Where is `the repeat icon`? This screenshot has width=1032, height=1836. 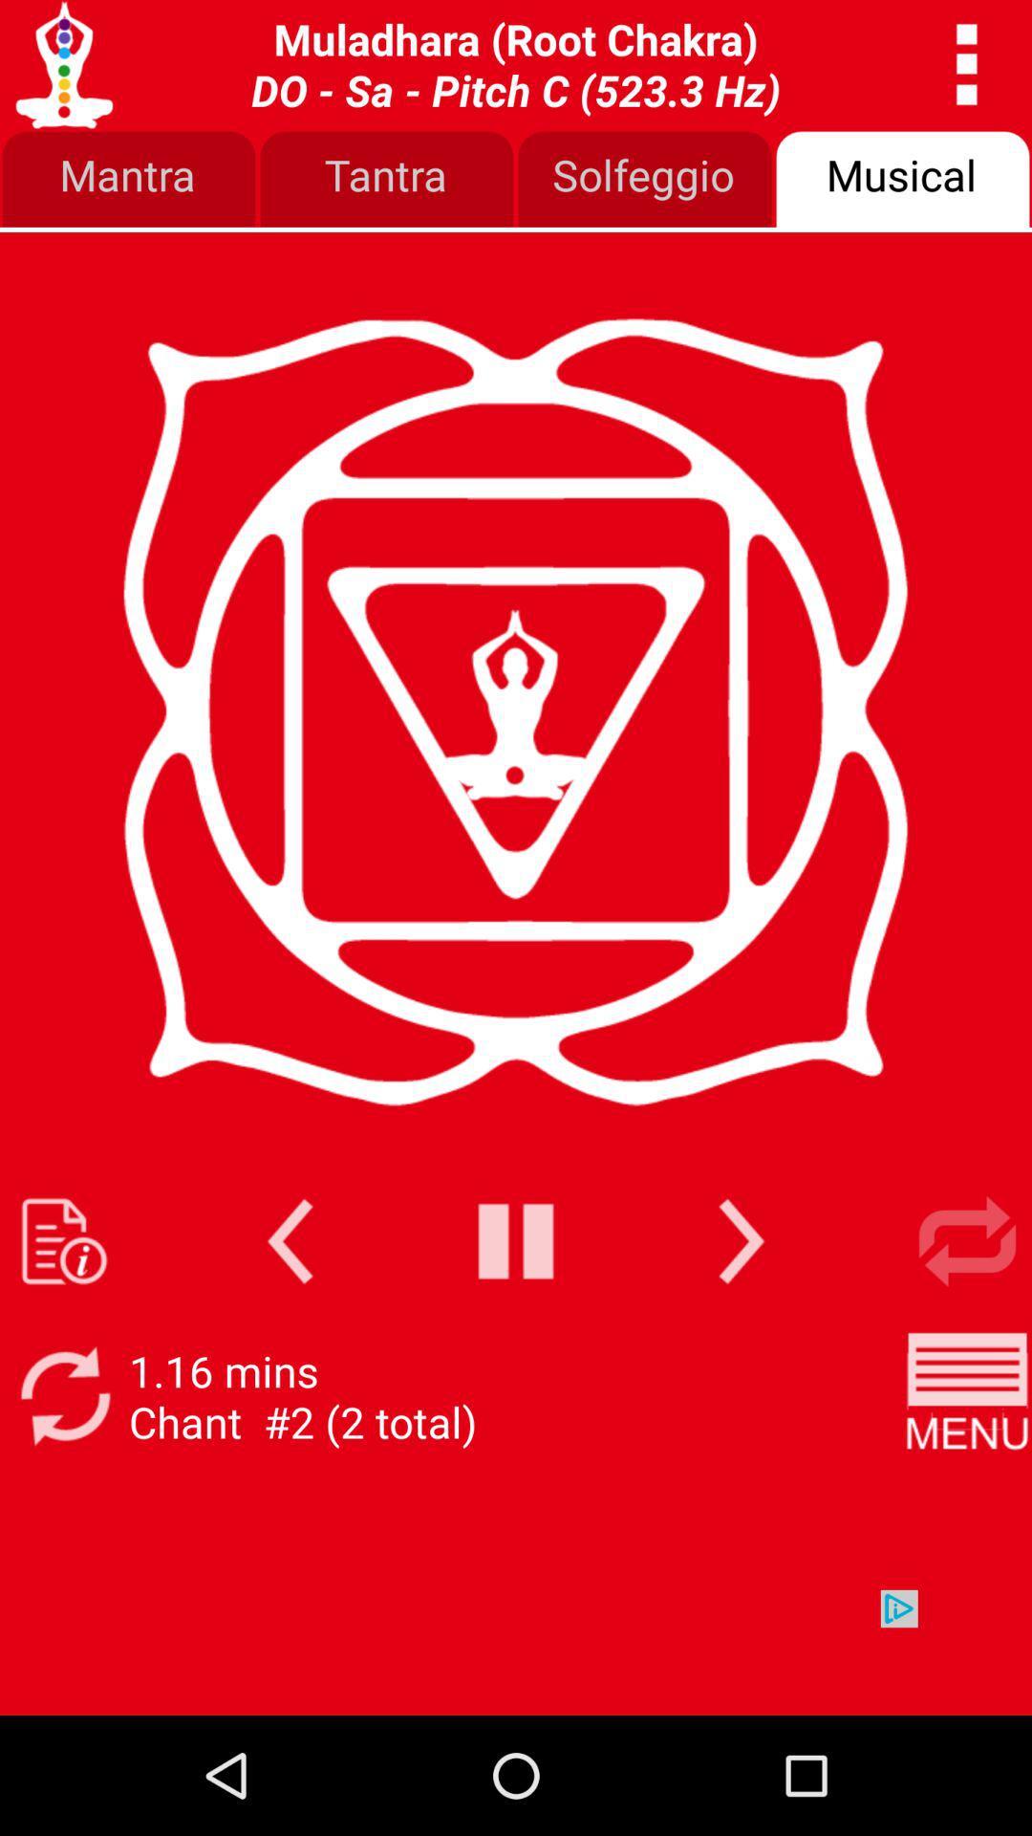
the repeat icon is located at coordinates (967, 1327).